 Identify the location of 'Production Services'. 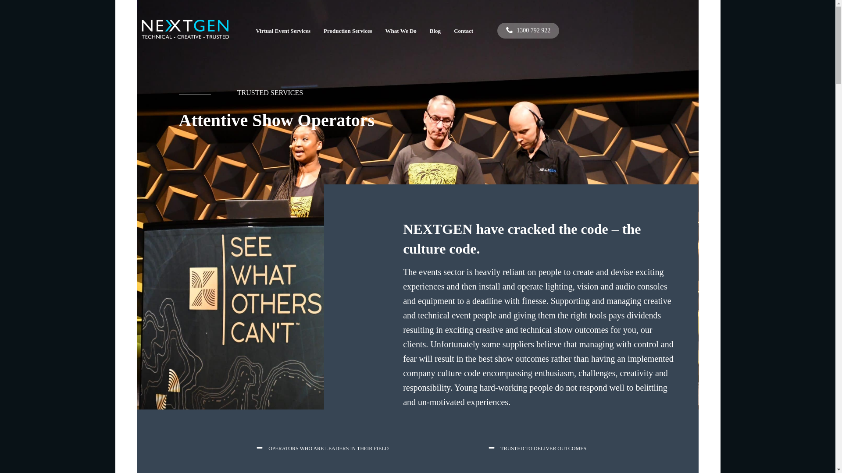
(347, 30).